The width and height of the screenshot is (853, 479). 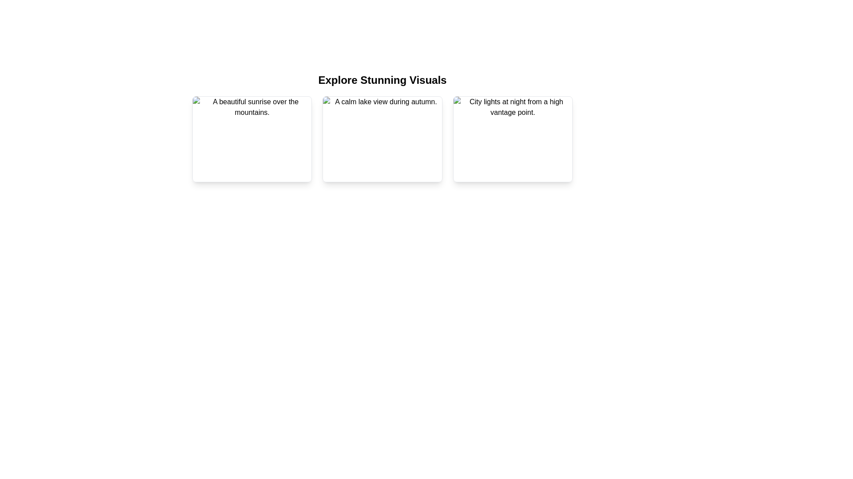 What do you see at coordinates (513, 139) in the screenshot?
I see `the image element showcasing city lights at night, positioned centrally in the third card of a horizontally aligned grid` at bounding box center [513, 139].